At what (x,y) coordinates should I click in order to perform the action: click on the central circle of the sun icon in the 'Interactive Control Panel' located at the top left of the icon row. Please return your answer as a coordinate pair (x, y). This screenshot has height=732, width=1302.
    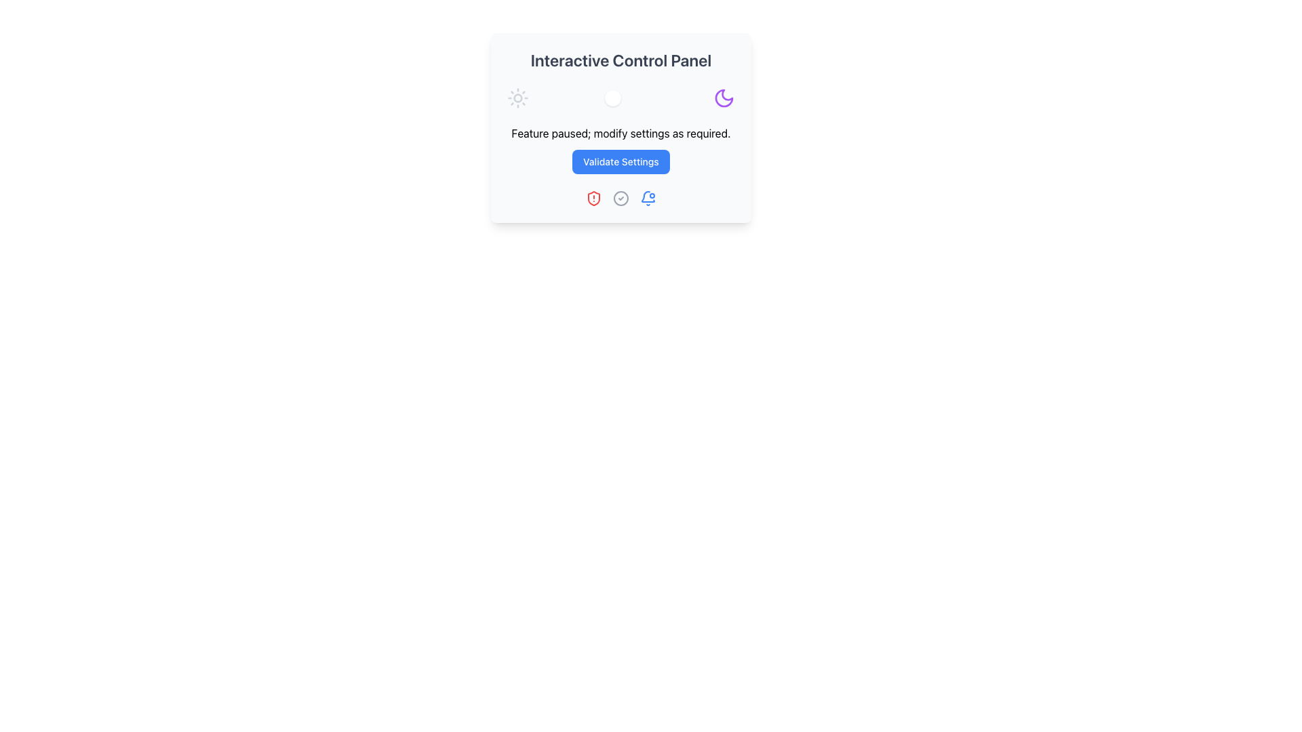
    Looking at the image, I should click on (517, 98).